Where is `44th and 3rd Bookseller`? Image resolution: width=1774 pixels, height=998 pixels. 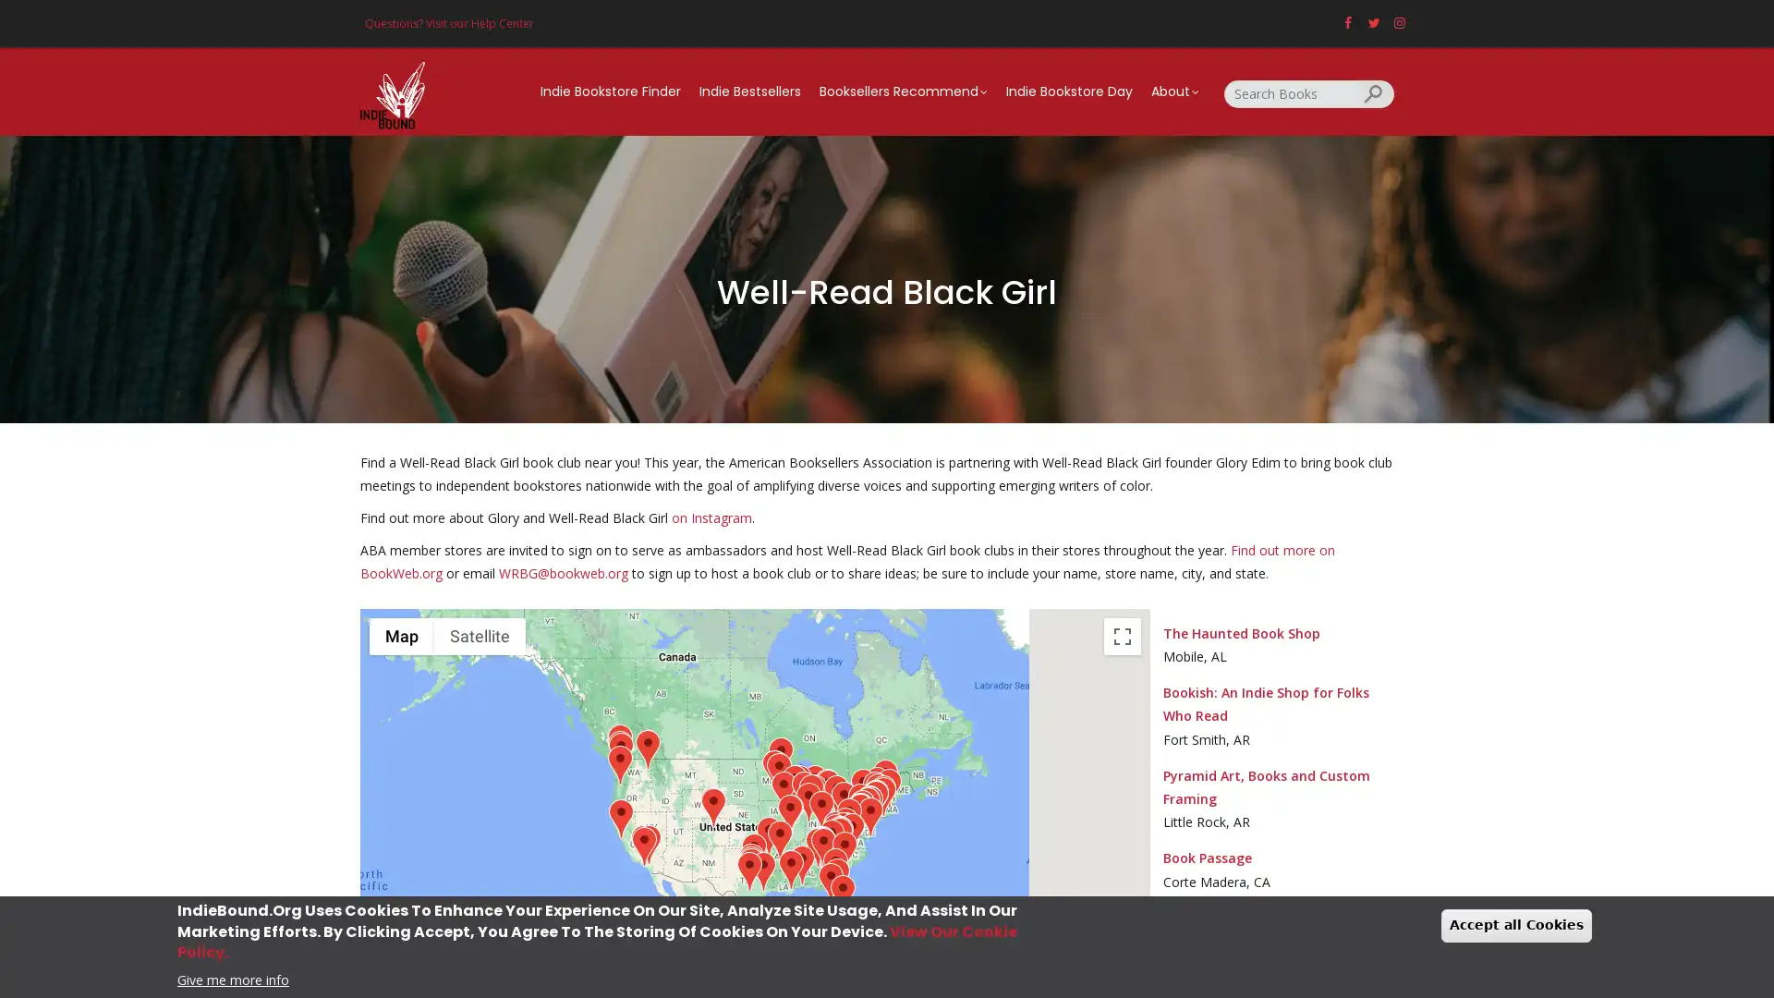 44th and 3rd Bookseller is located at coordinates (820, 846).